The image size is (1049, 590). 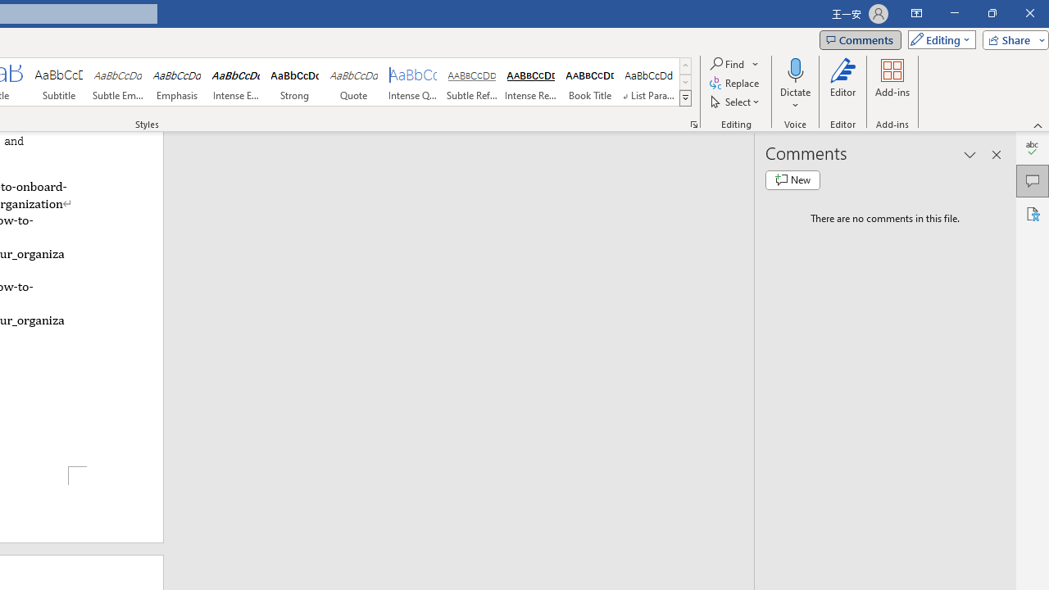 What do you see at coordinates (938, 39) in the screenshot?
I see `'Editing'` at bounding box center [938, 39].